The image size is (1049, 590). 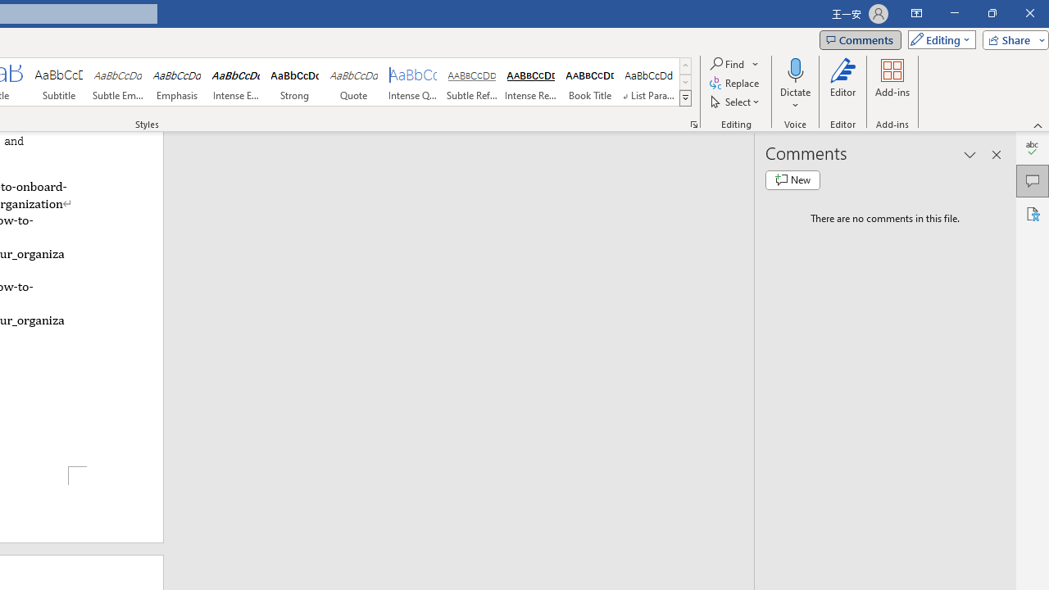 What do you see at coordinates (938, 39) in the screenshot?
I see `'Editing'` at bounding box center [938, 39].